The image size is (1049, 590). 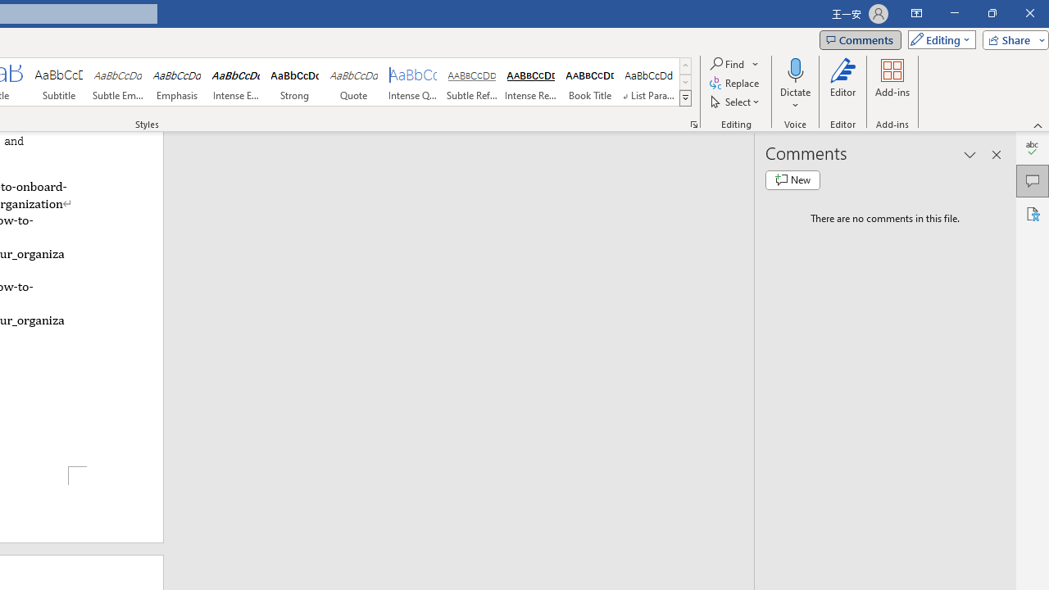 What do you see at coordinates (938, 39) in the screenshot?
I see `'Editing'` at bounding box center [938, 39].